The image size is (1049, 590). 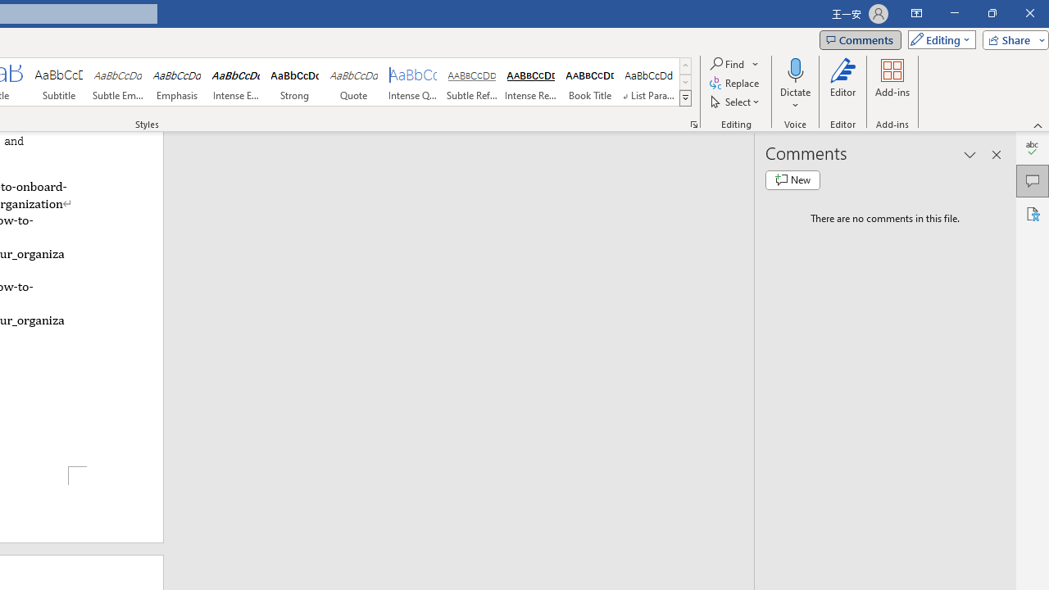 What do you see at coordinates (938, 39) in the screenshot?
I see `'Editing'` at bounding box center [938, 39].